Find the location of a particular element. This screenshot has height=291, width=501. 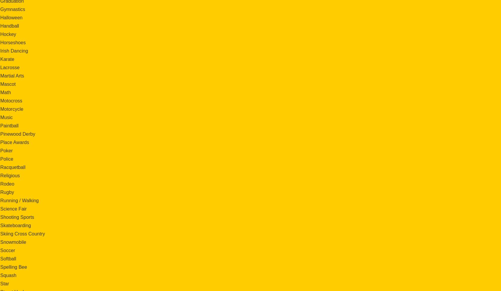

'Gymnastics' is located at coordinates (12, 9).